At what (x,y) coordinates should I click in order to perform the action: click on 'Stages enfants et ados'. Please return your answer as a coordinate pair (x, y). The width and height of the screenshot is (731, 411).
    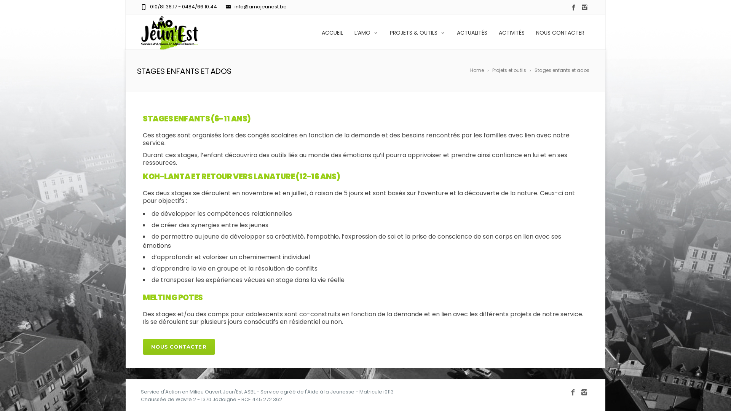
    Looking at the image, I should click on (534, 70).